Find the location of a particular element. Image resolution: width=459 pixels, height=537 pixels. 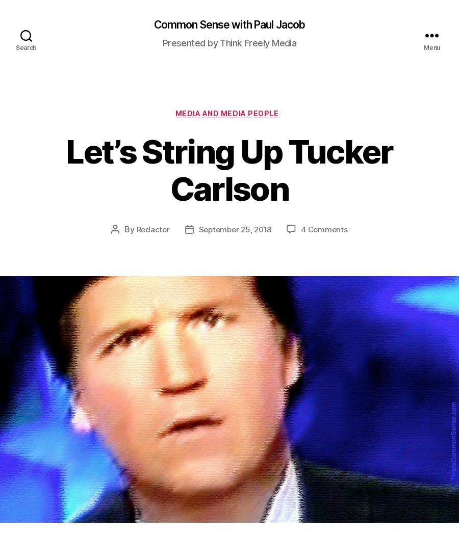

'Your gift to' is located at coordinates (261, 288).